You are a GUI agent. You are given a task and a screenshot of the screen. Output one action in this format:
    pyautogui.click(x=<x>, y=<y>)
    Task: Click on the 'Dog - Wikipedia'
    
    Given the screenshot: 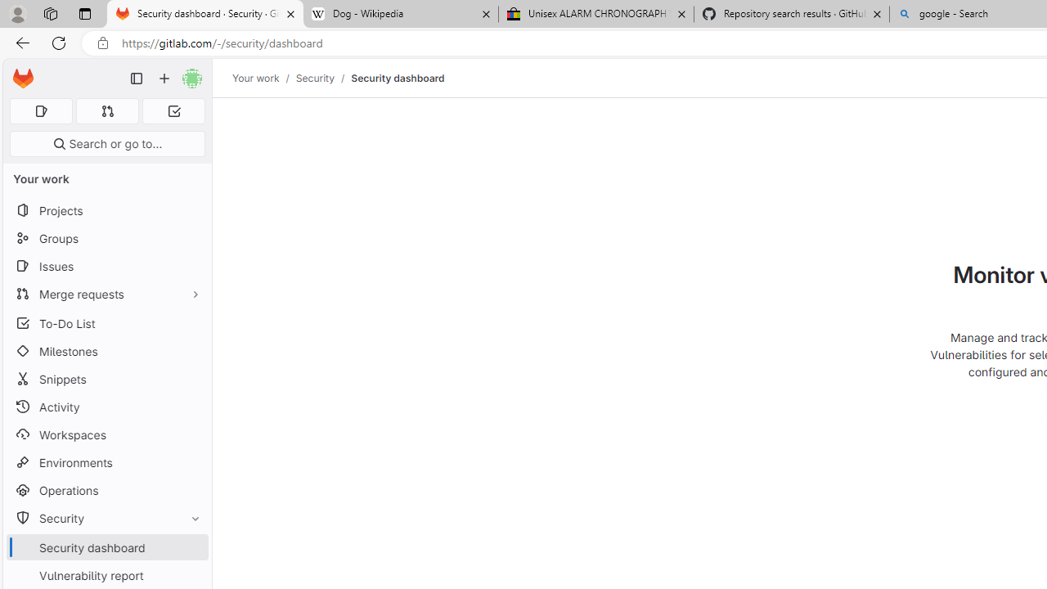 What is the action you would take?
    pyautogui.click(x=401, y=14)
    